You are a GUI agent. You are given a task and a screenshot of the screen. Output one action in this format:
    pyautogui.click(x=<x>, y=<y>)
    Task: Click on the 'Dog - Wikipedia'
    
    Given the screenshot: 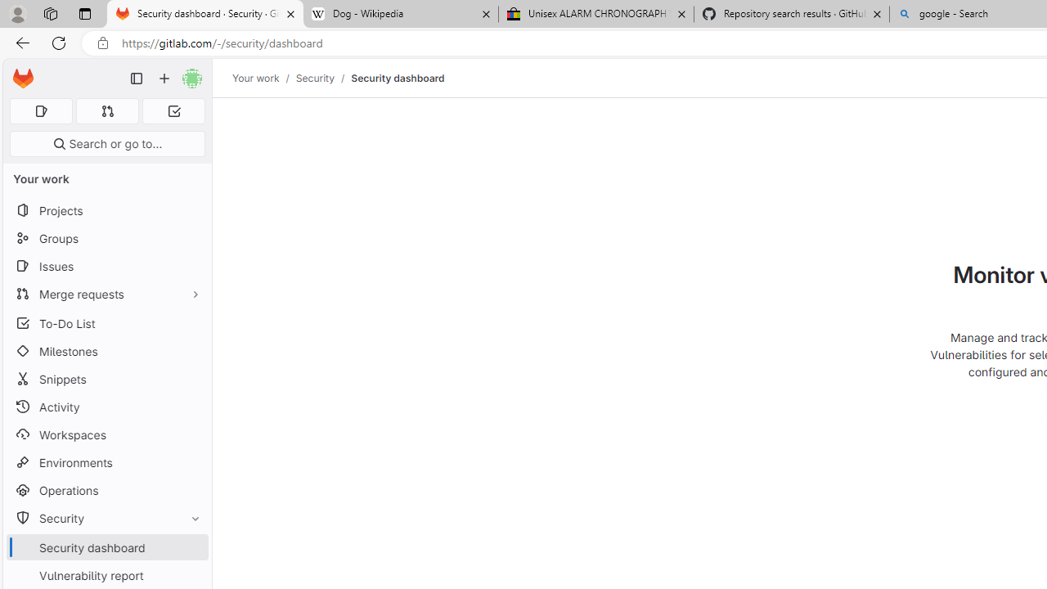 What is the action you would take?
    pyautogui.click(x=401, y=14)
    